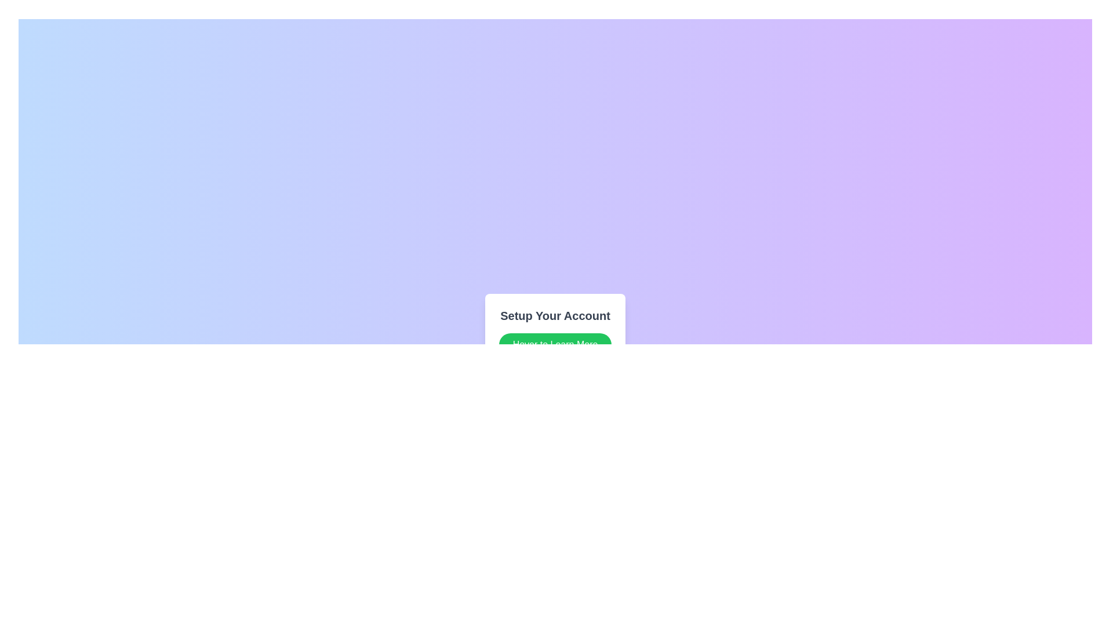  What do you see at coordinates (555, 315) in the screenshot?
I see `the title text element that serves as a heading for the section, positioned directly above the green 'Hover to Learn More' button` at bounding box center [555, 315].